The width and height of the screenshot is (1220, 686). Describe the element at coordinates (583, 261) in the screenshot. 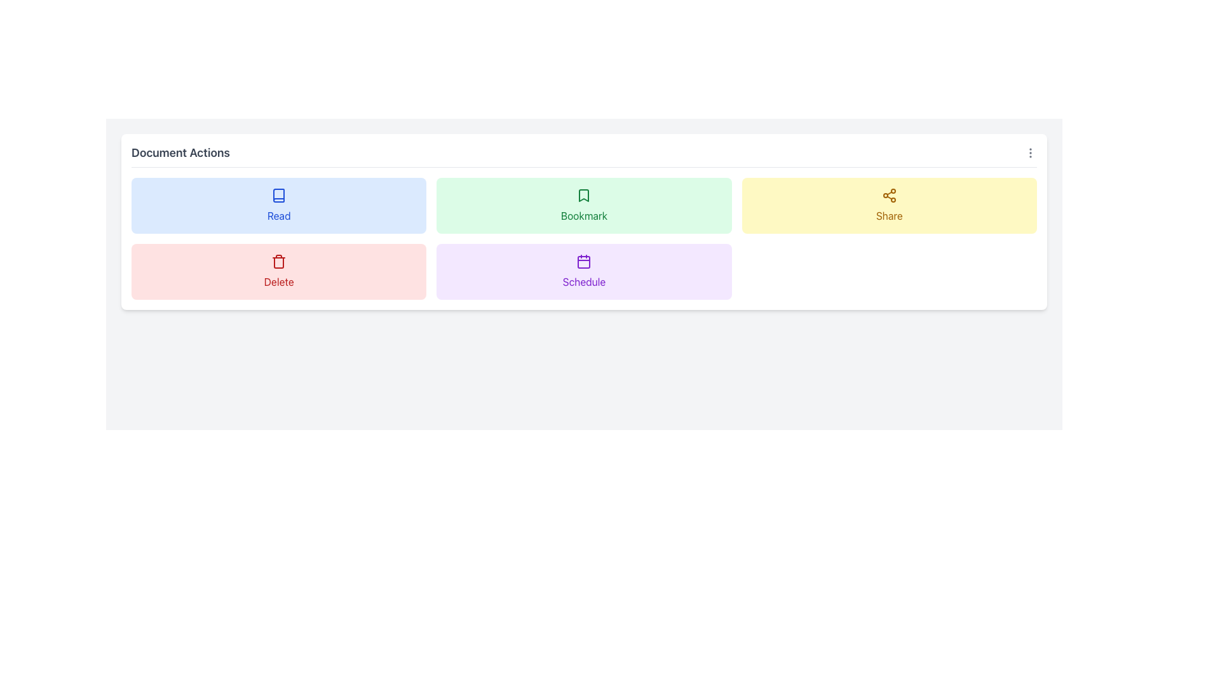

I see `the purple rounded rectangle element within the calendar icon located in the 'Schedule' section of the interface` at that location.